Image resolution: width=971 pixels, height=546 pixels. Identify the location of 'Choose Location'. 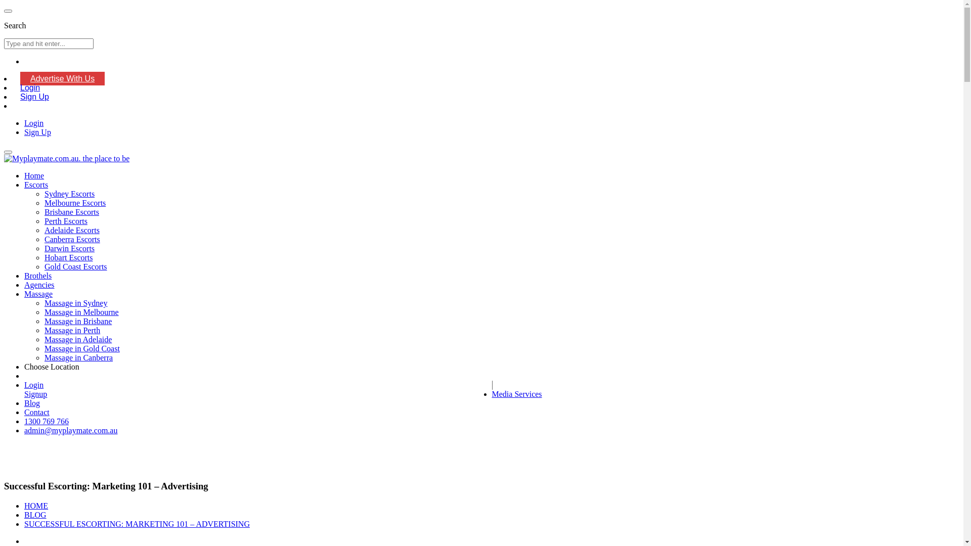
(51, 367).